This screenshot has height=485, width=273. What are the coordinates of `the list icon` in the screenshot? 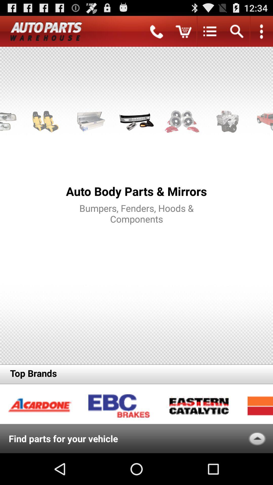 It's located at (210, 33).